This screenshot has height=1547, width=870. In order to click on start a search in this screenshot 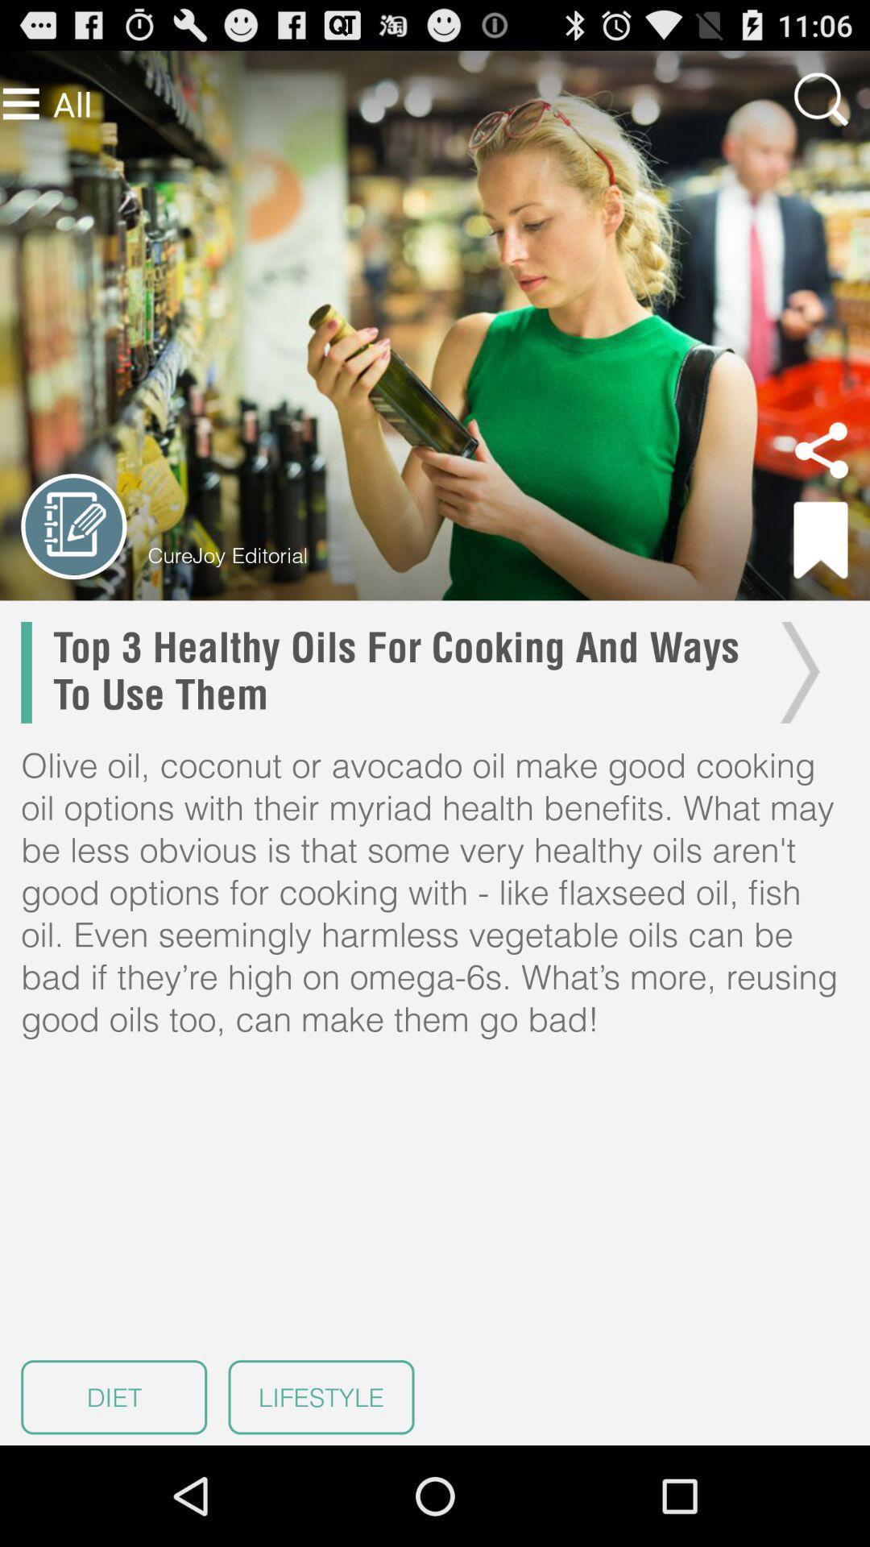, I will do `click(821, 98)`.